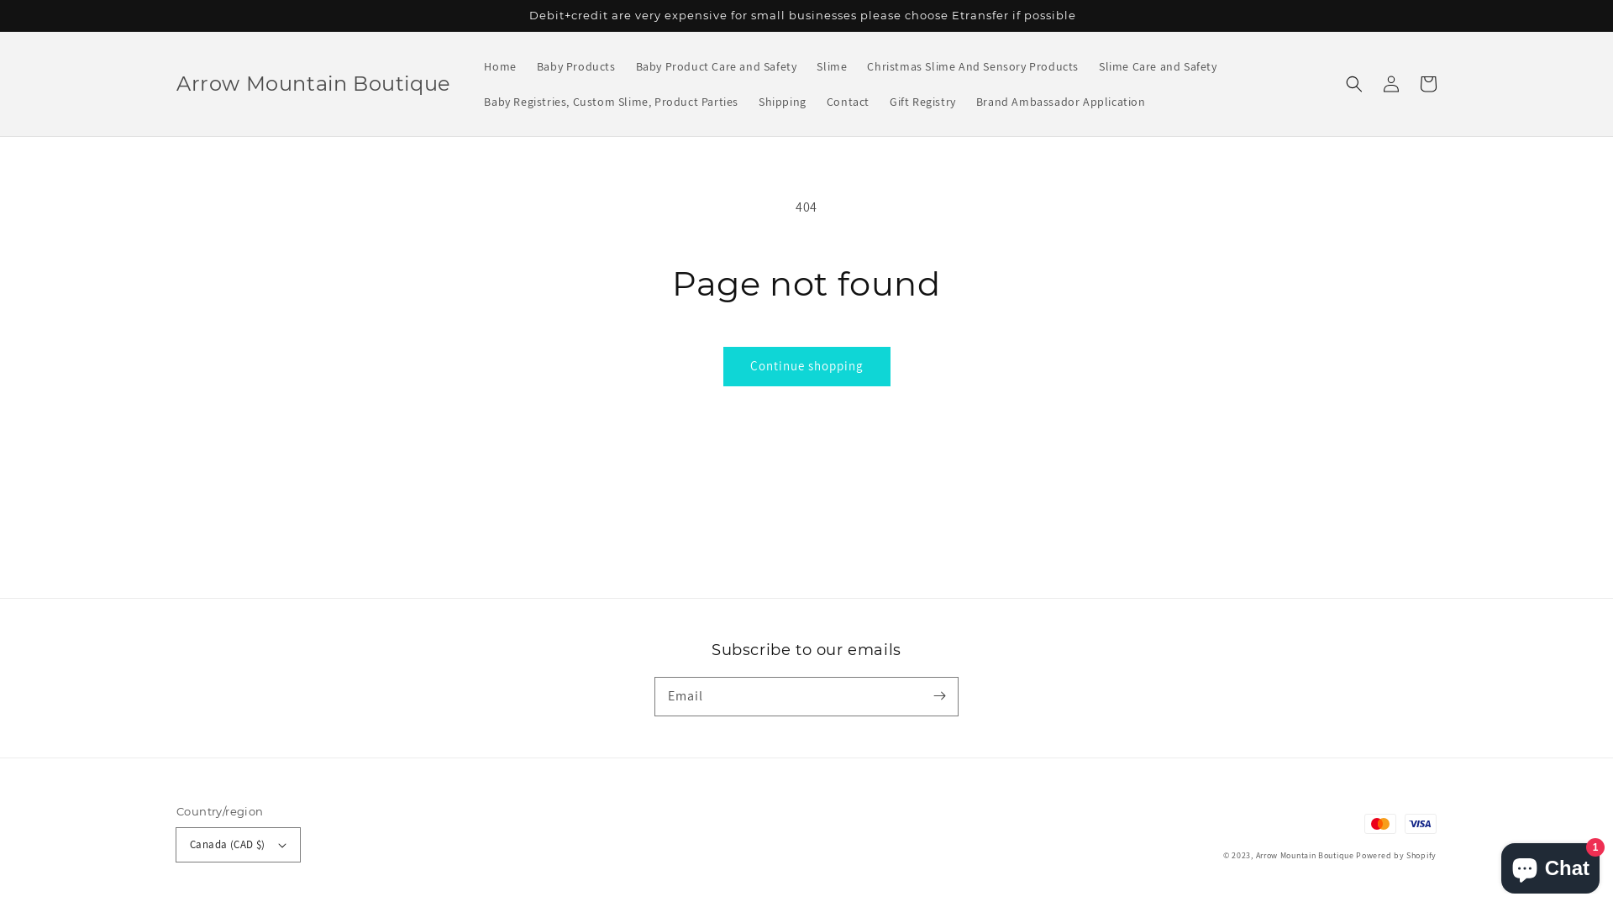  What do you see at coordinates (1495, 864) in the screenshot?
I see `'Shopify online store chat'` at bounding box center [1495, 864].